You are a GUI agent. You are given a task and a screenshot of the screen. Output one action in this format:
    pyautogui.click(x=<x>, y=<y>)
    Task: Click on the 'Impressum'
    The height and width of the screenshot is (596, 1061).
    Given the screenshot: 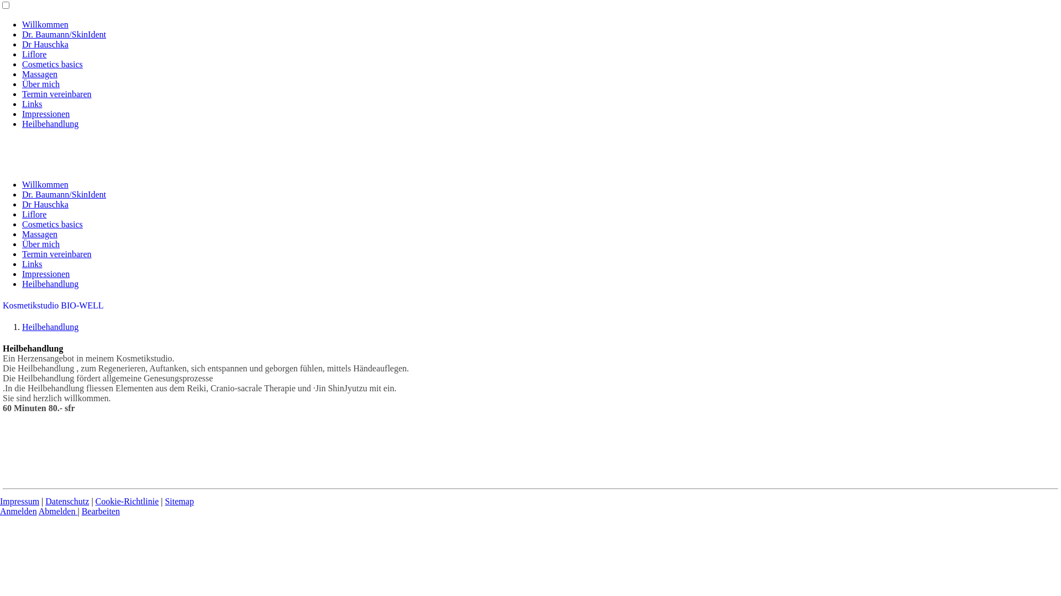 What is the action you would take?
    pyautogui.click(x=19, y=501)
    